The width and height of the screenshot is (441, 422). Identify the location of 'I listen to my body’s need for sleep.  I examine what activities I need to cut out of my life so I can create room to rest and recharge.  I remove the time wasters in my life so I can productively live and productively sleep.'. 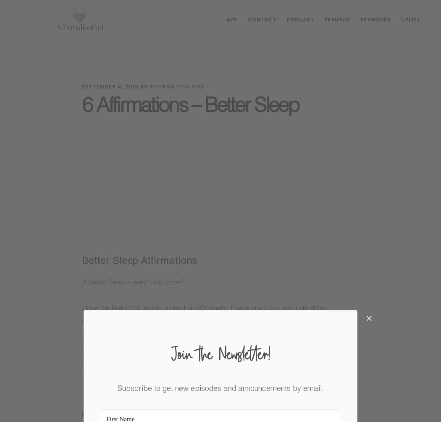
(218, 401).